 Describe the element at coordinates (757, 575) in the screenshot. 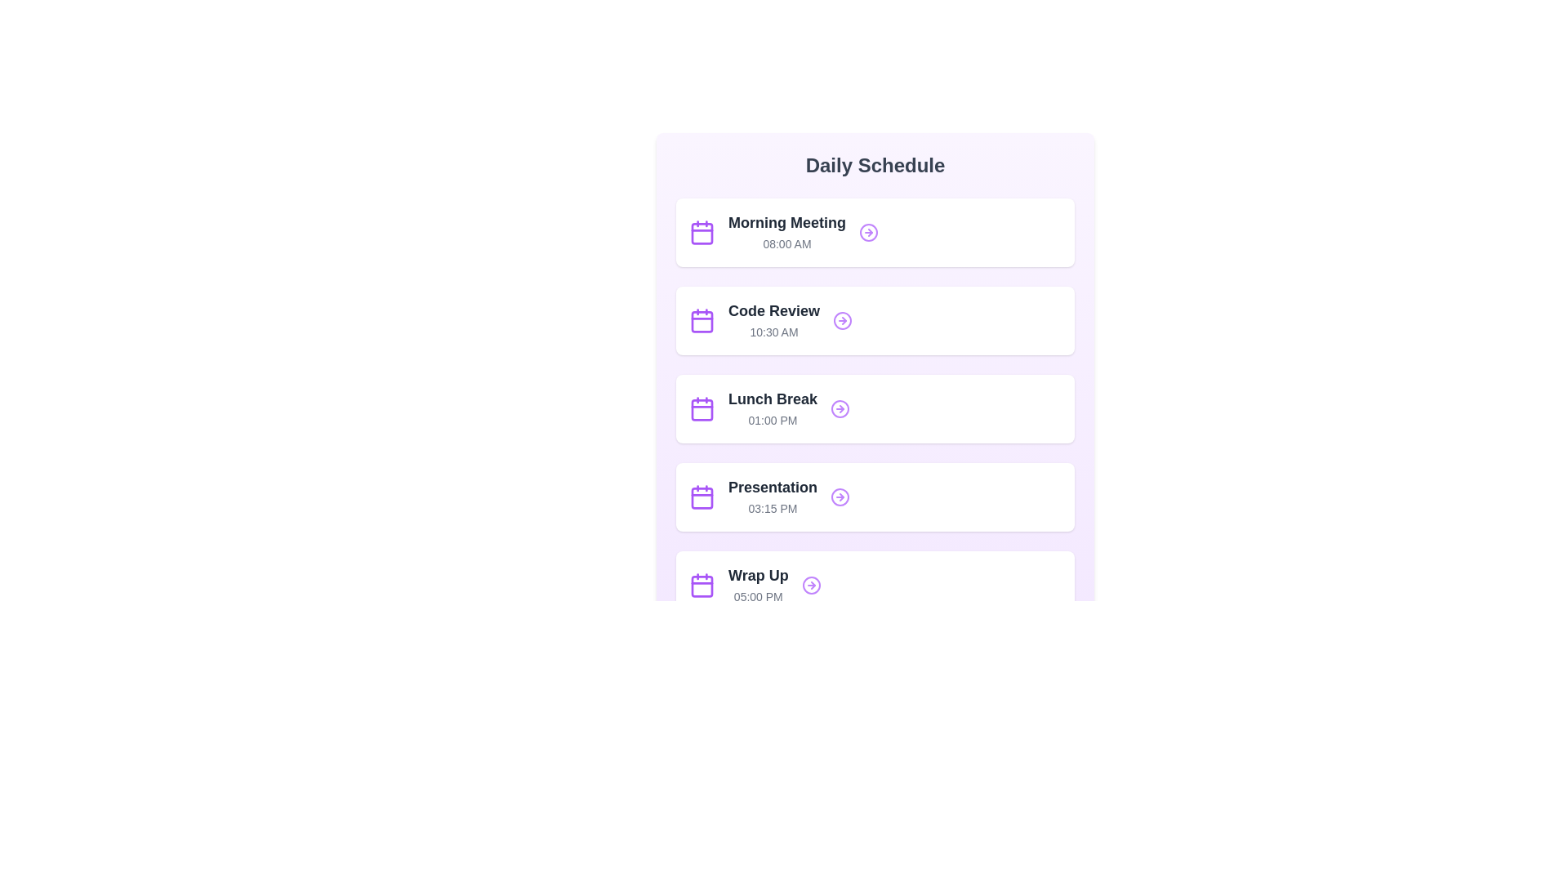

I see `the 'Wrap Up' text label, which is bold and displayed in a sans-serif font style in dark gray, located at the bottom of the 'Daily Schedule' view` at that location.